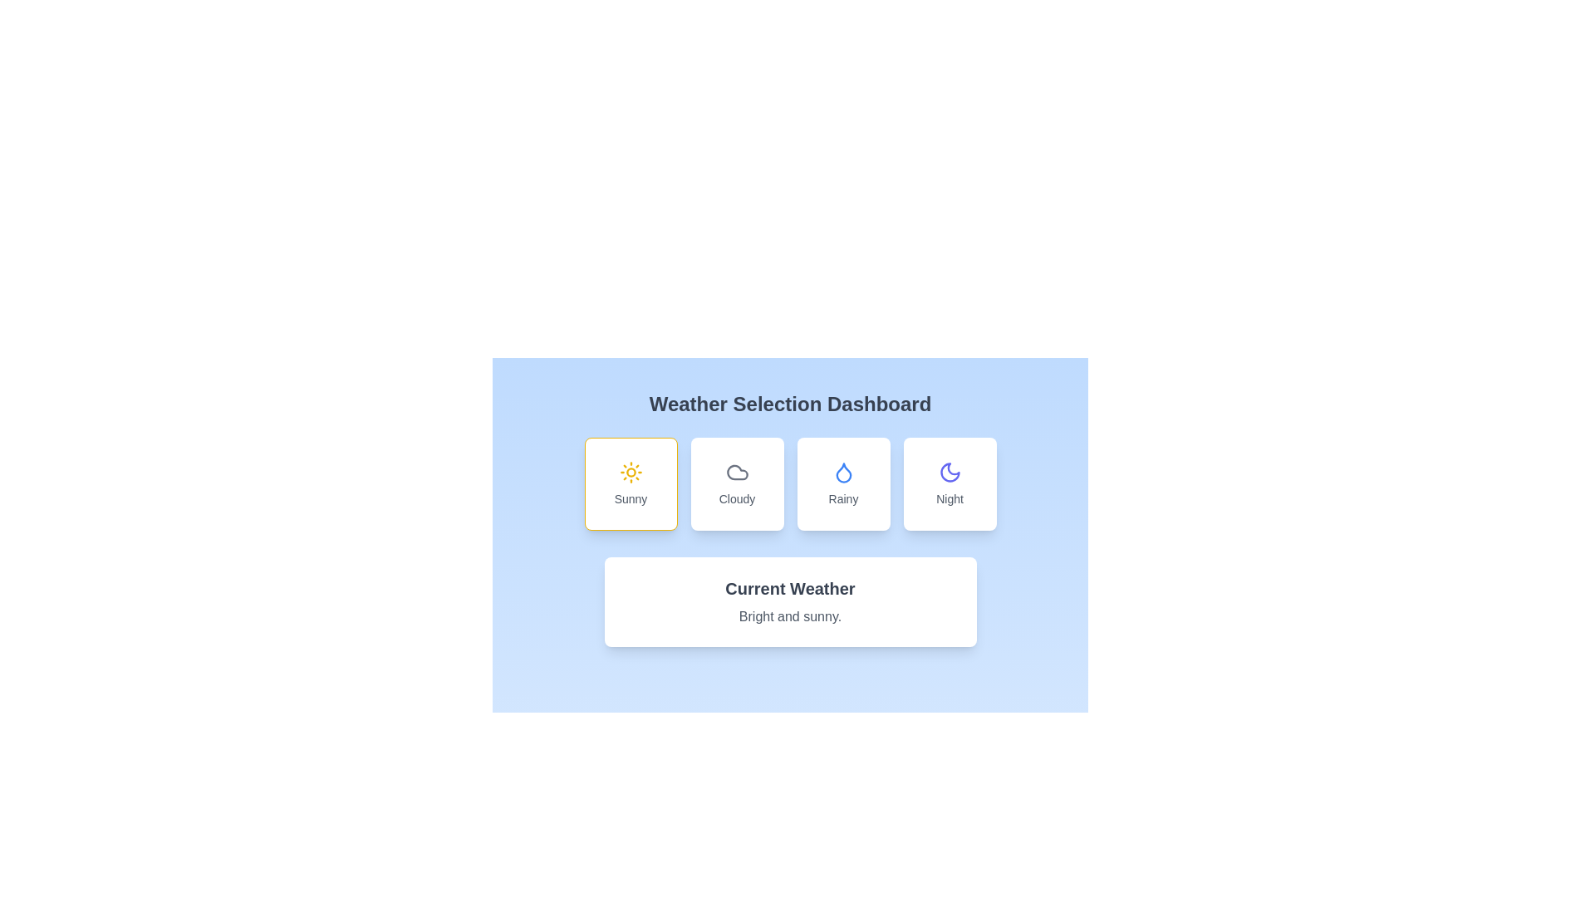 This screenshot has width=1595, height=897. I want to click on the 'Rainy' button, which is a square card with a blue droplet icon and the text 'Rainy', positioned between the 'Cloudy' and 'Night' cards in the Weather Selection Dashboard, so click(843, 483).